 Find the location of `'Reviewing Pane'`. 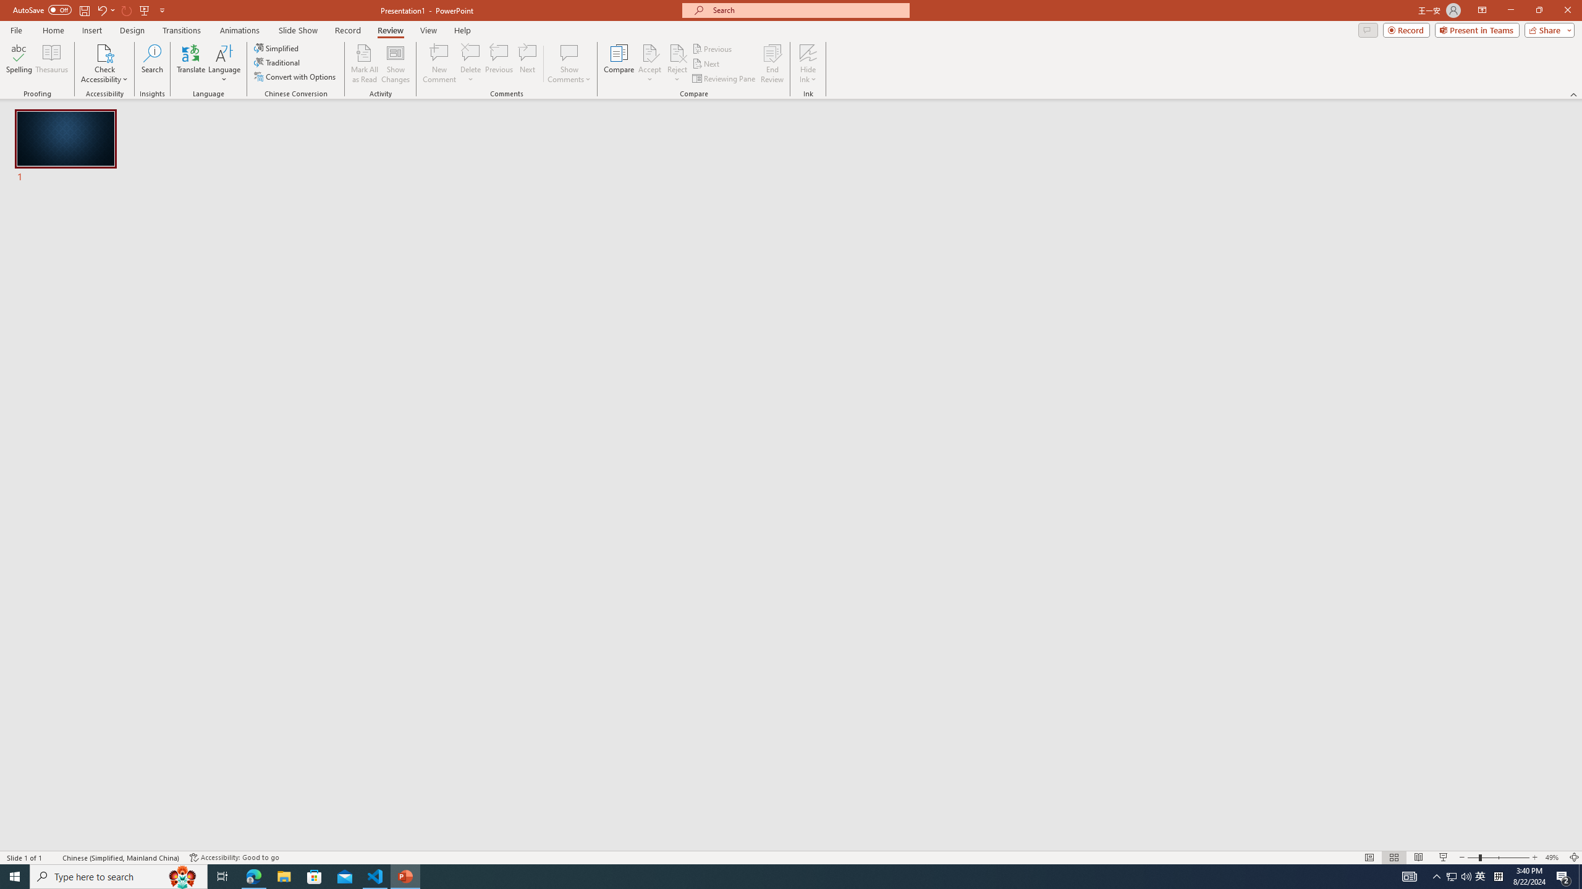

'Reviewing Pane' is located at coordinates (724, 78).